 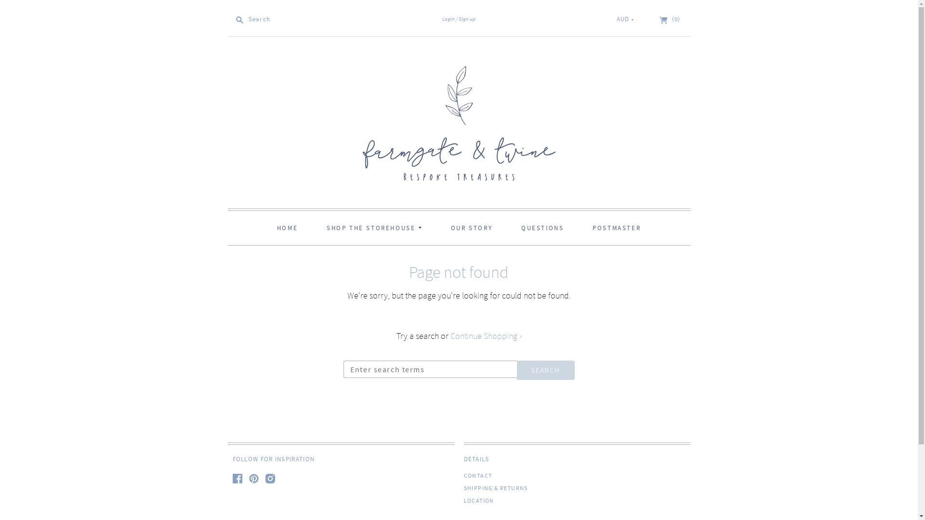 What do you see at coordinates (659, 19) in the screenshot?
I see `'(0)'` at bounding box center [659, 19].